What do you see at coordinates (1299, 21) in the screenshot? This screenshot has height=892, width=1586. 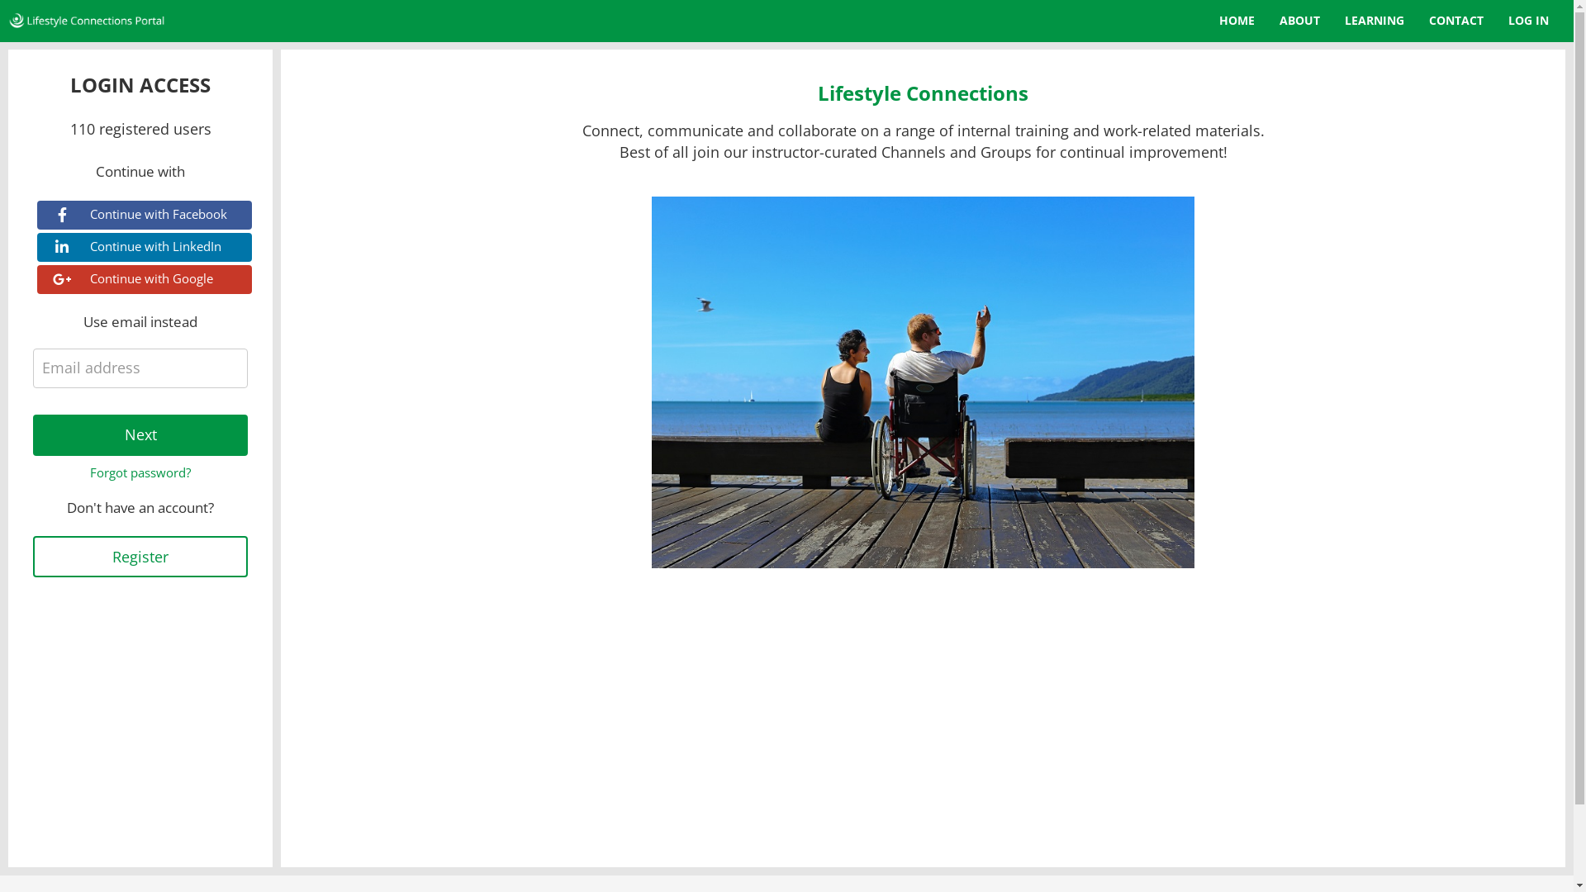 I see `'ABOUT'` at bounding box center [1299, 21].